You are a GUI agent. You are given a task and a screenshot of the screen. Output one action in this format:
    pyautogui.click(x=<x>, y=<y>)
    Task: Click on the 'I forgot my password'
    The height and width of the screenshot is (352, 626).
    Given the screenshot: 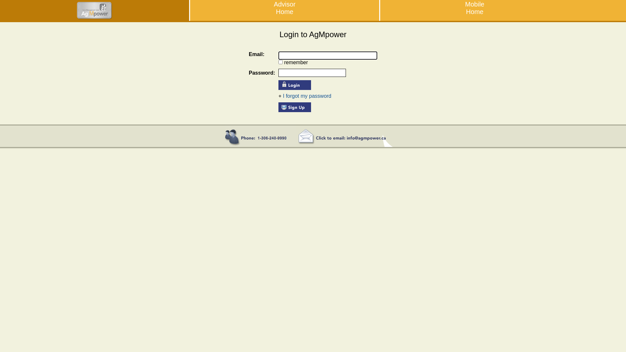 What is the action you would take?
    pyautogui.click(x=307, y=96)
    